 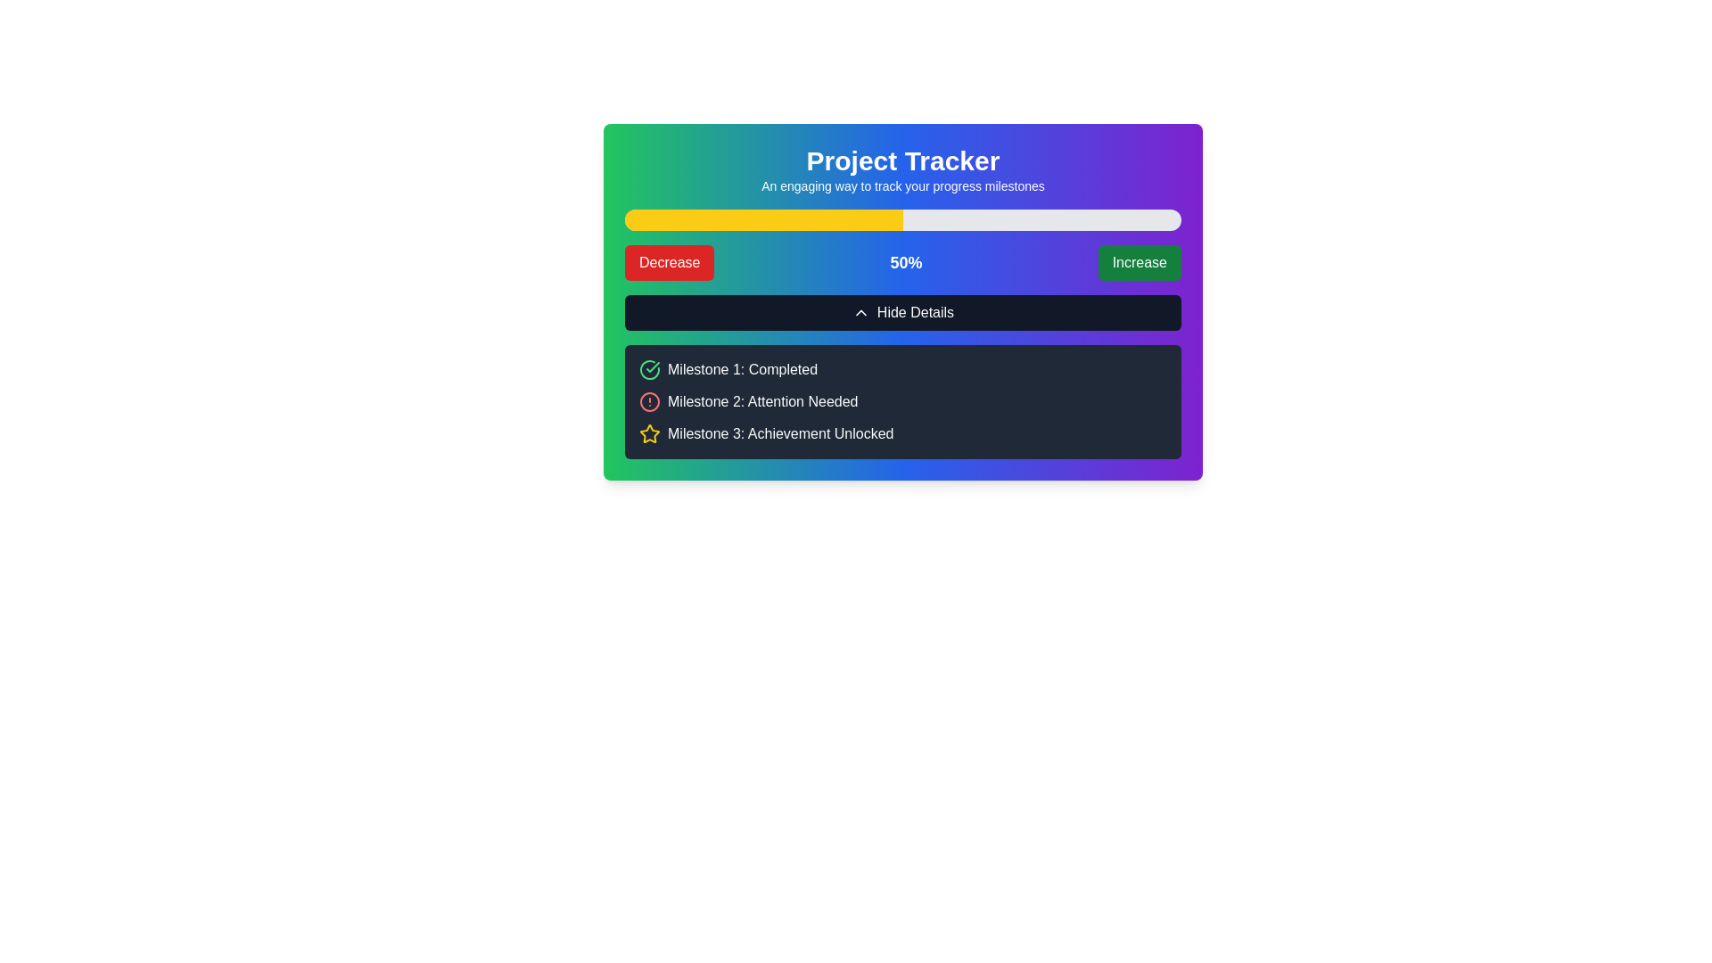 What do you see at coordinates (649, 369) in the screenshot?
I see `the milestone completion icon` at bounding box center [649, 369].